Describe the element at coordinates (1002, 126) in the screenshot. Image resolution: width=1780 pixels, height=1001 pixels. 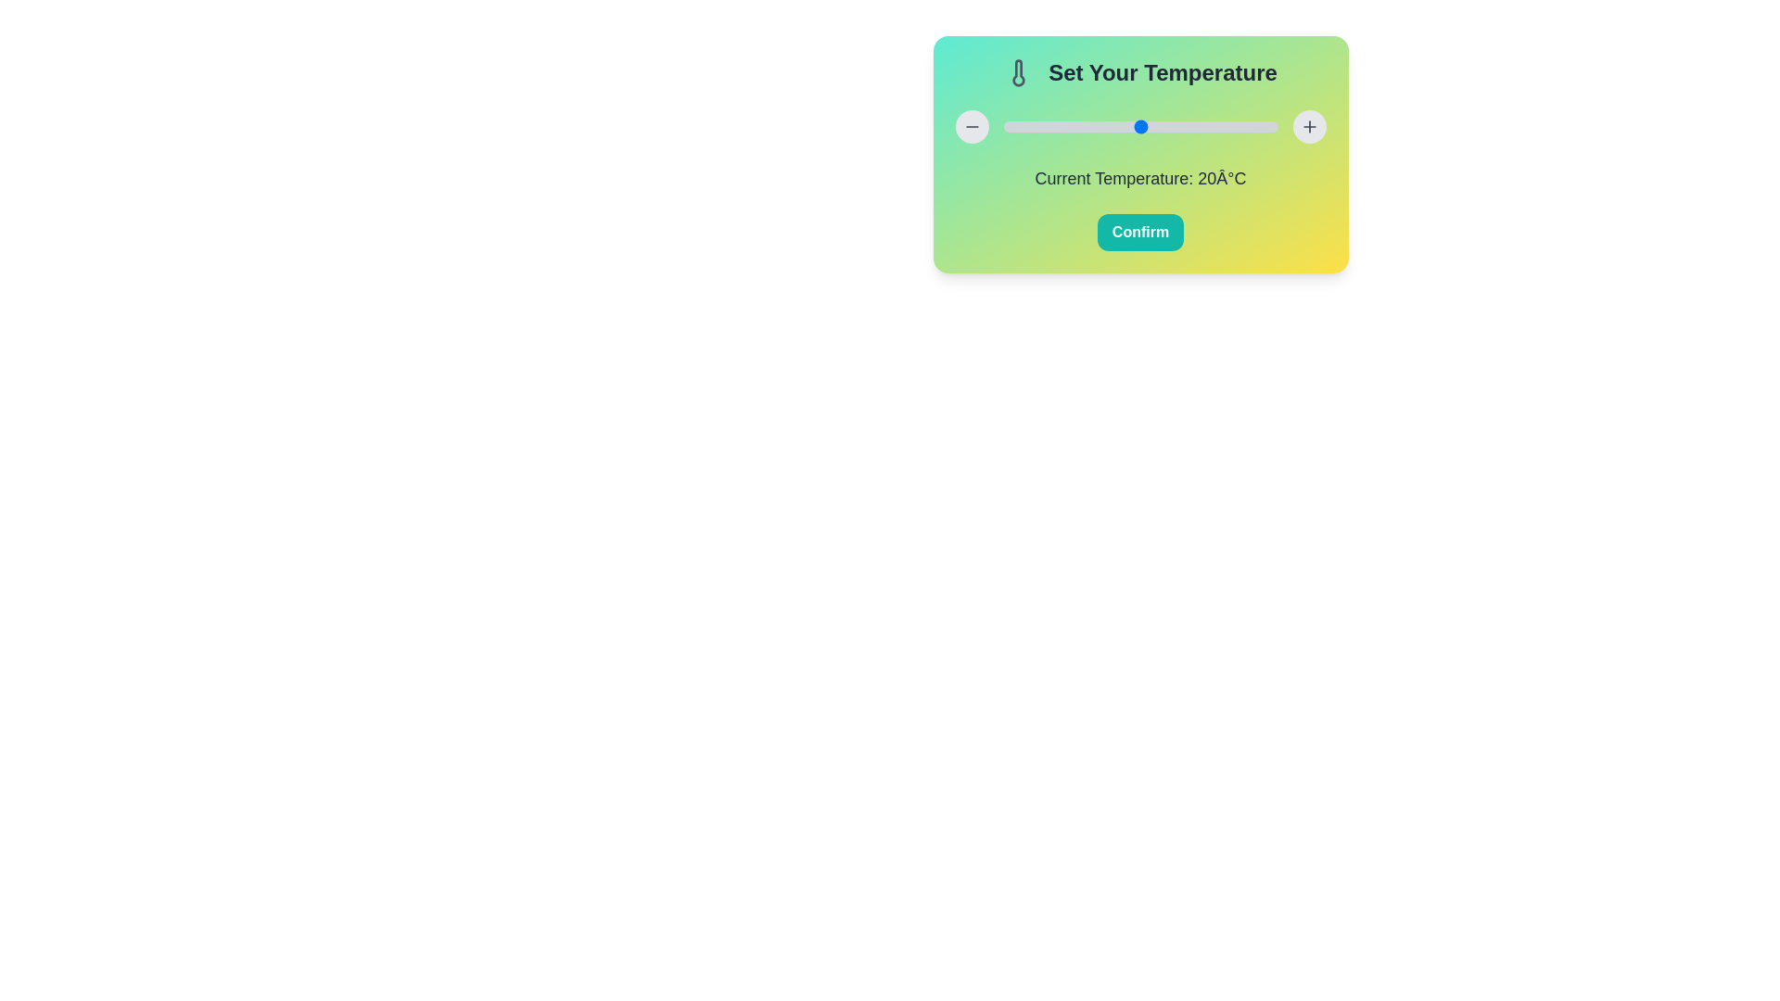
I see `the temperature slider to set the temperature to 0°C` at that location.